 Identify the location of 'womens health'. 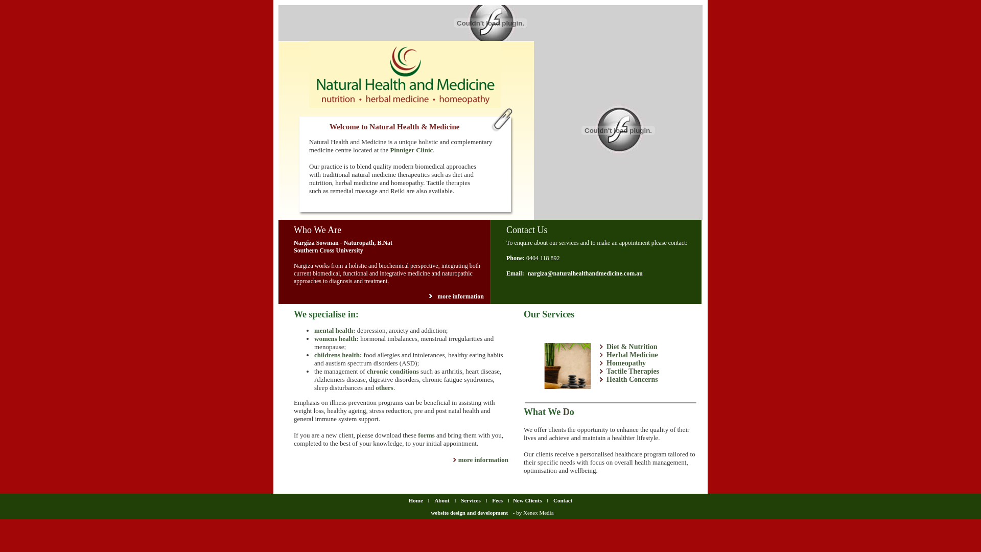
(313, 338).